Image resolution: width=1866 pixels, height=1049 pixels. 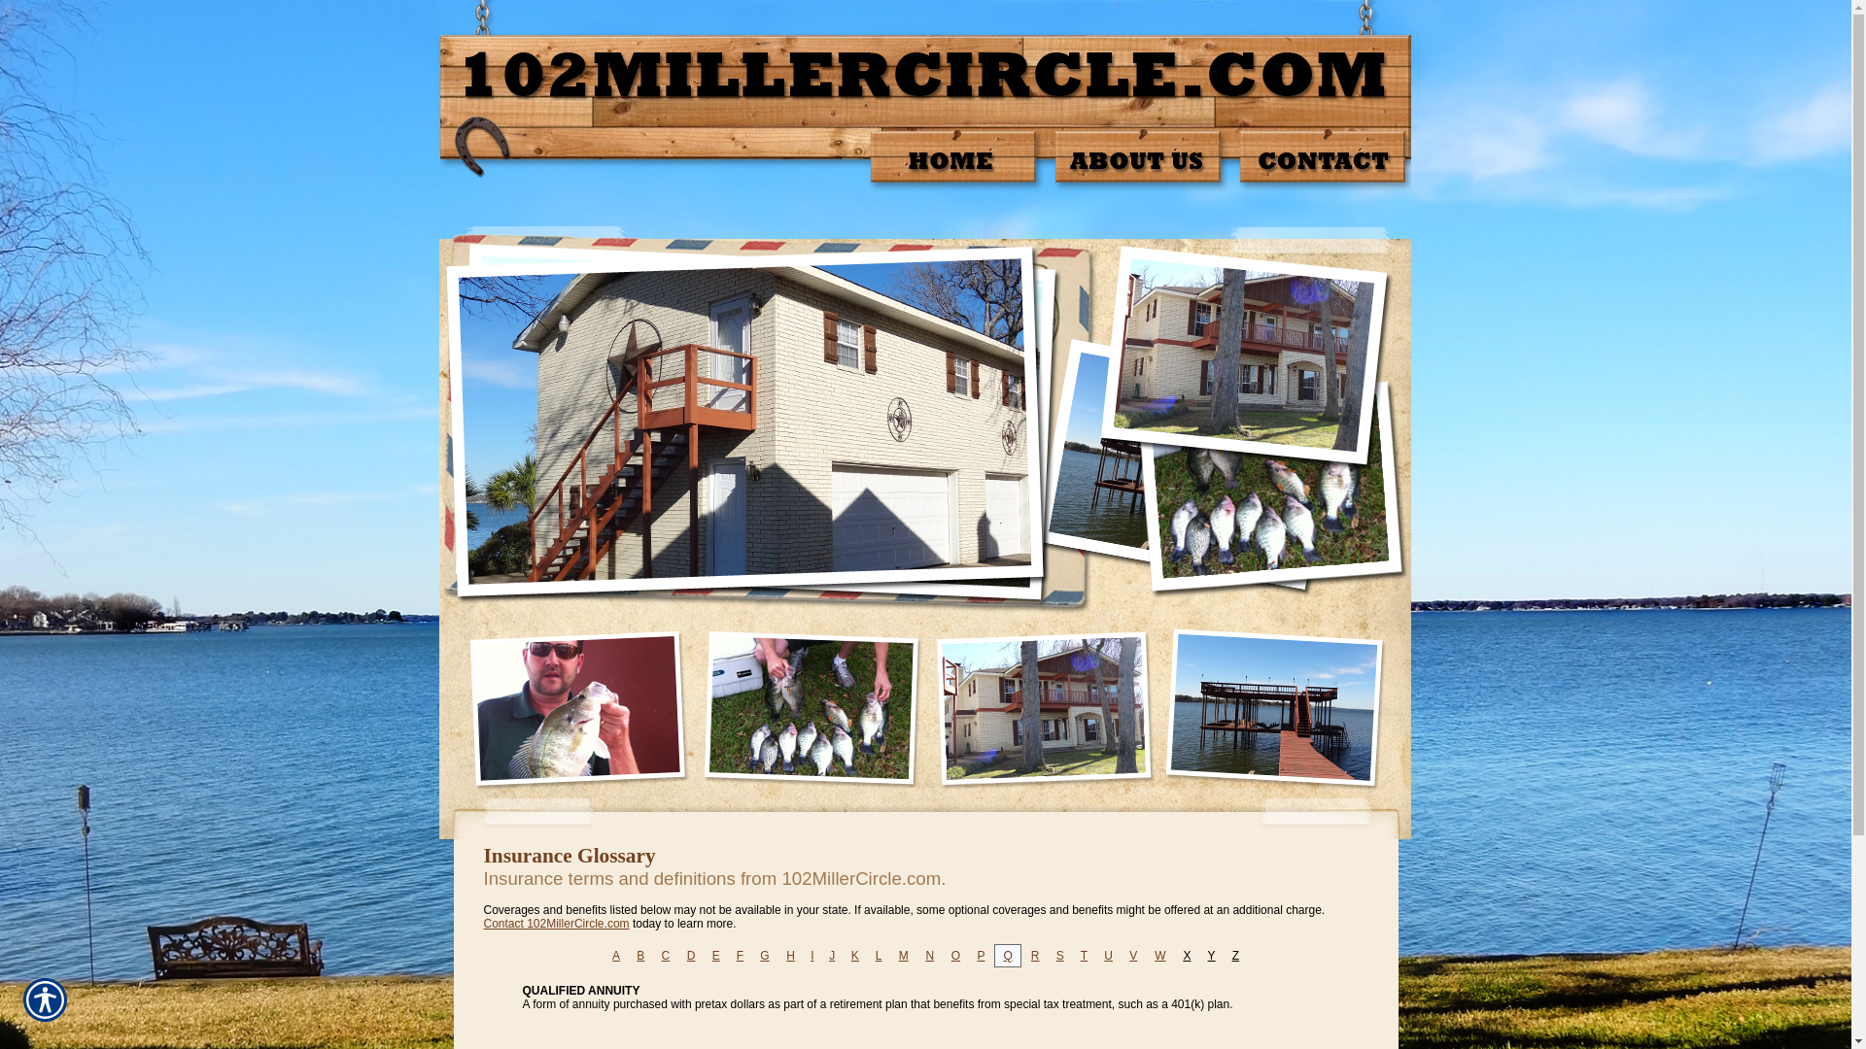 I want to click on 'D', so click(x=691, y=954).